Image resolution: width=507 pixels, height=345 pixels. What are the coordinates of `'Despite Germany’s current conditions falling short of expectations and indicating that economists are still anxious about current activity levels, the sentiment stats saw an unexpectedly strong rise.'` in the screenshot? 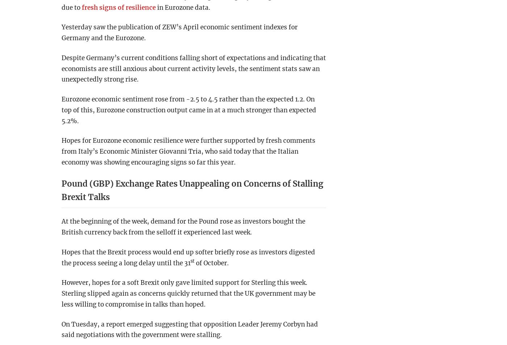 It's located at (193, 68).